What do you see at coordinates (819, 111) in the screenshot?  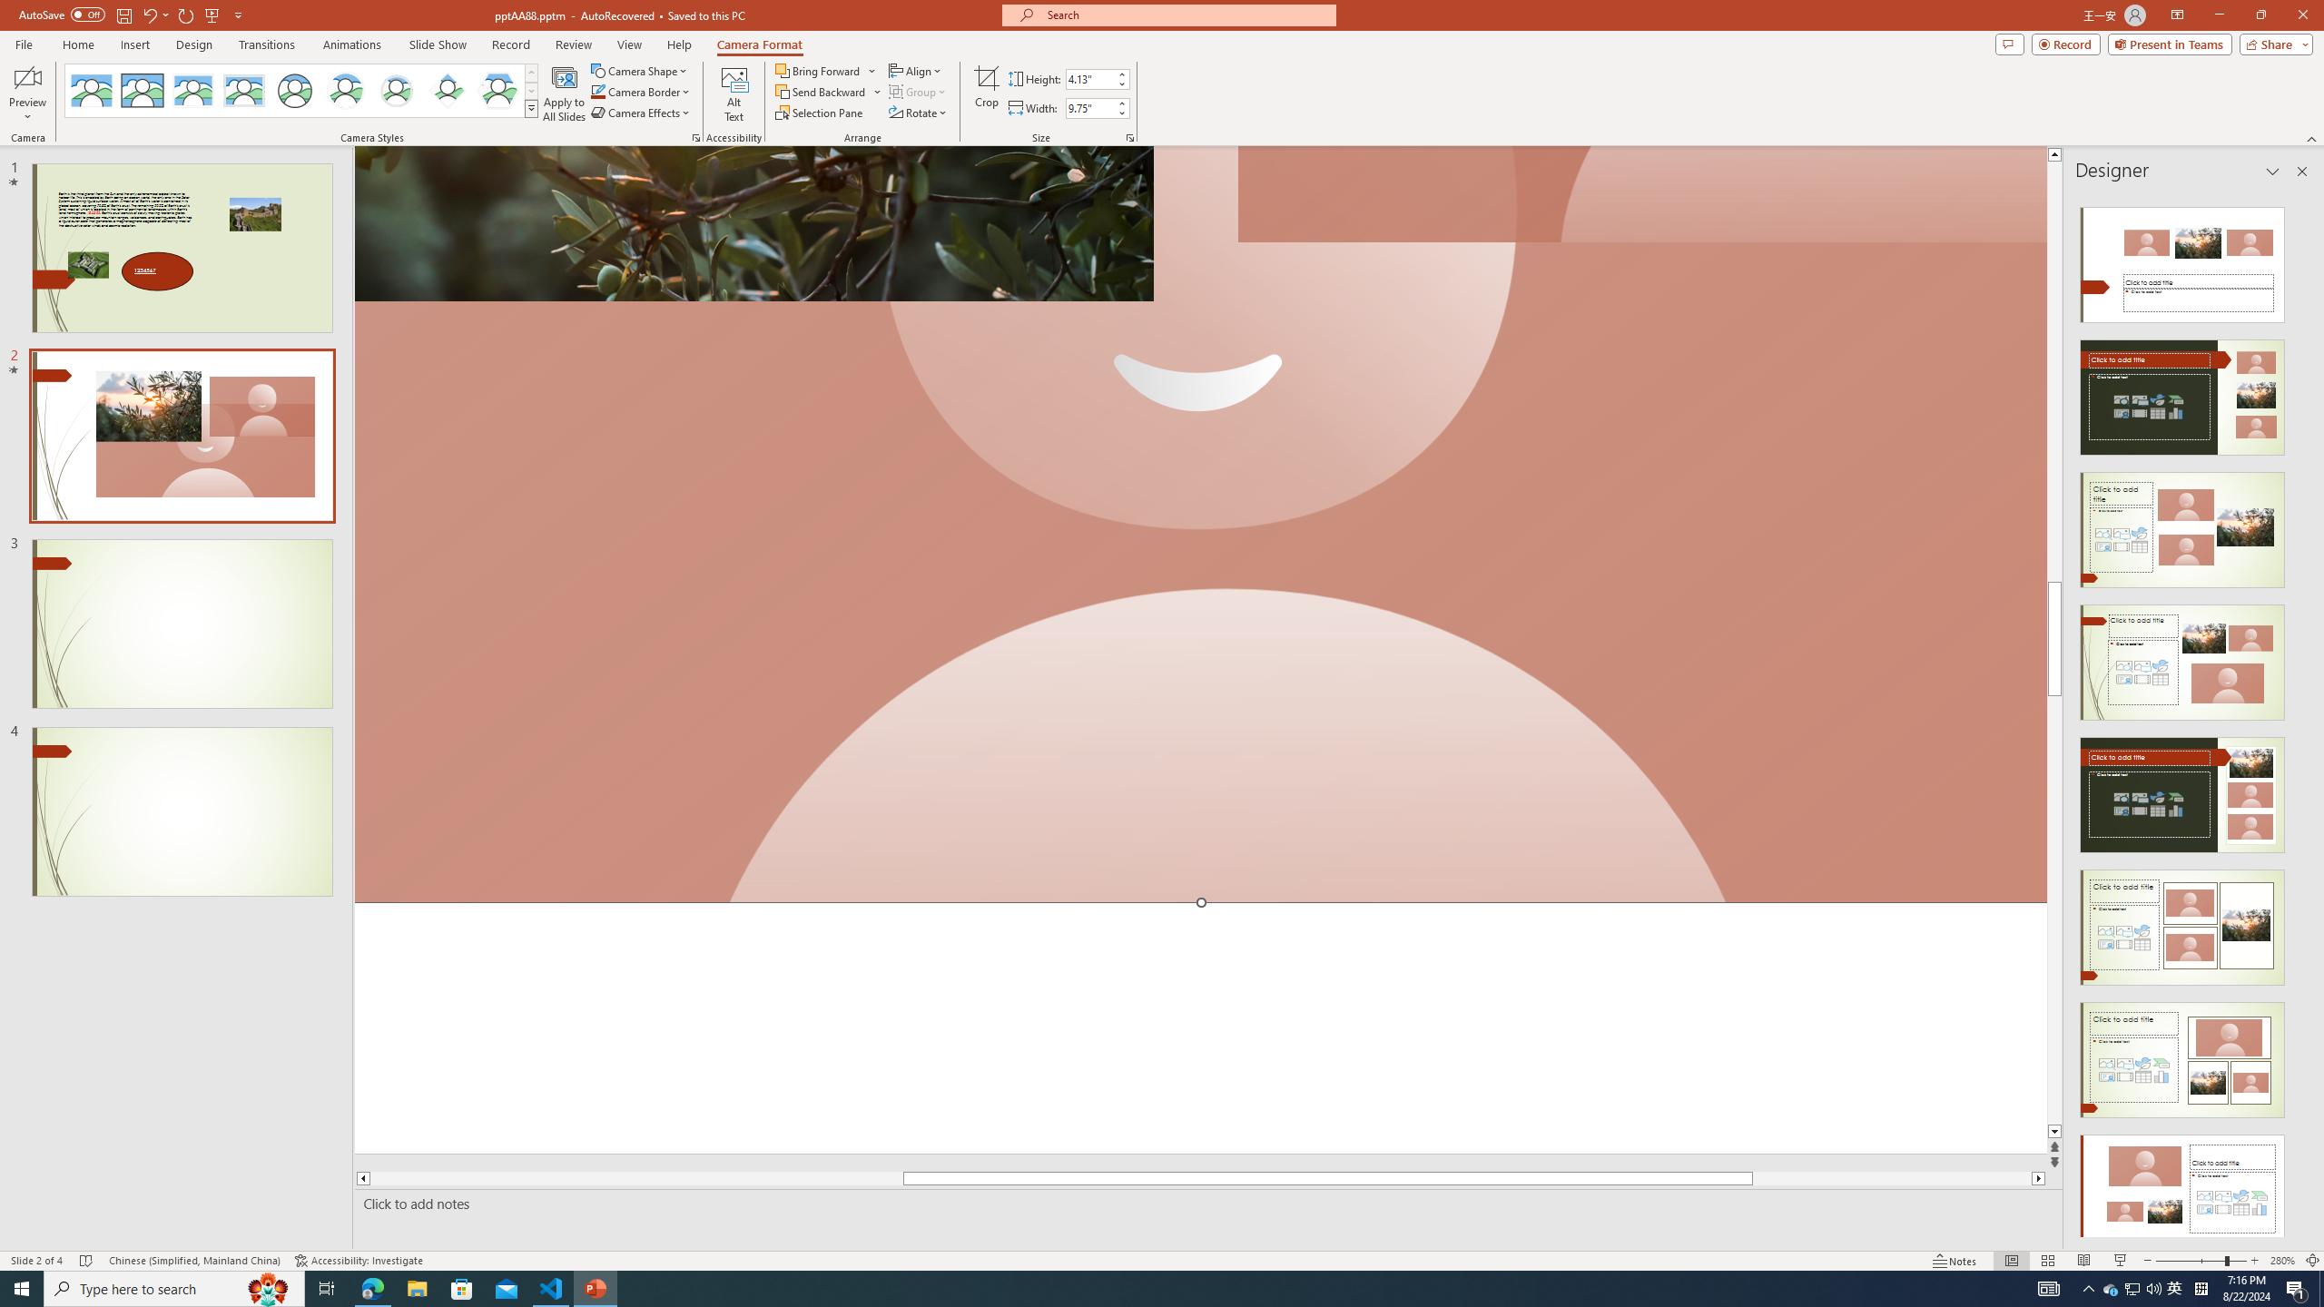 I see `'Selection Pane...'` at bounding box center [819, 111].